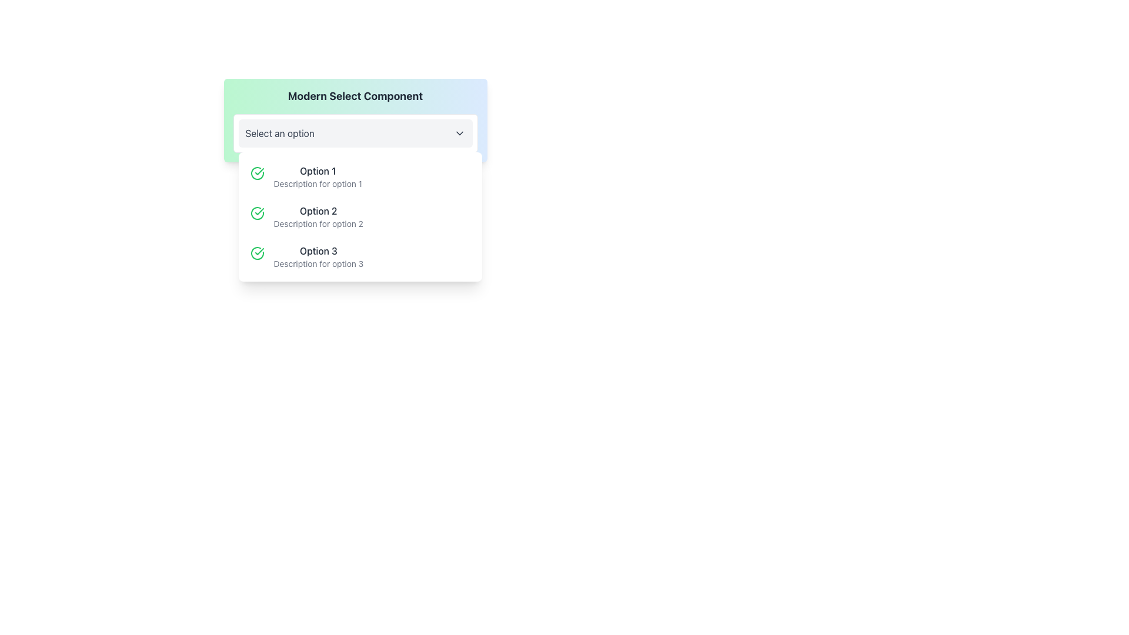 This screenshot has height=635, width=1129. I want to click on the text label displaying 'Description for option 1' which is located below the main header 'Option 1' in the dropdown menu, so click(318, 183).